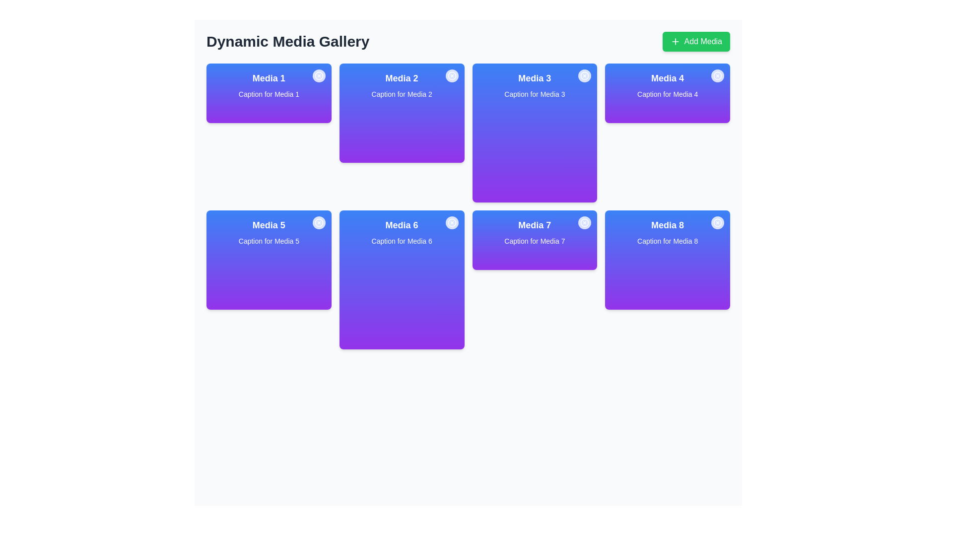  What do you see at coordinates (585, 222) in the screenshot?
I see `the deletion button in the top-right corner of the card labeled 'Media 7'` at bounding box center [585, 222].